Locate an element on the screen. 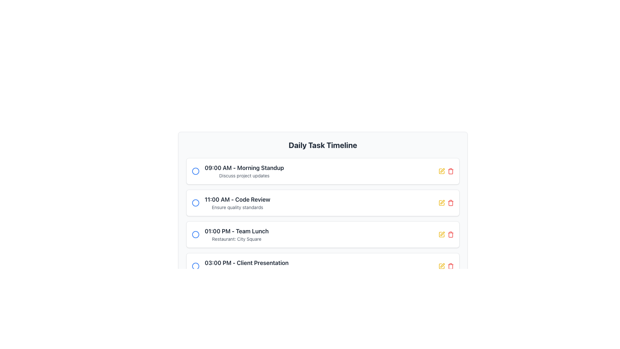 This screenshot has height=349, width=620. the surrounding area of the SVG Circle that indicates the task '03:00 PM - Client Presentation' to interact with the task is located at coordinates (195, 266).